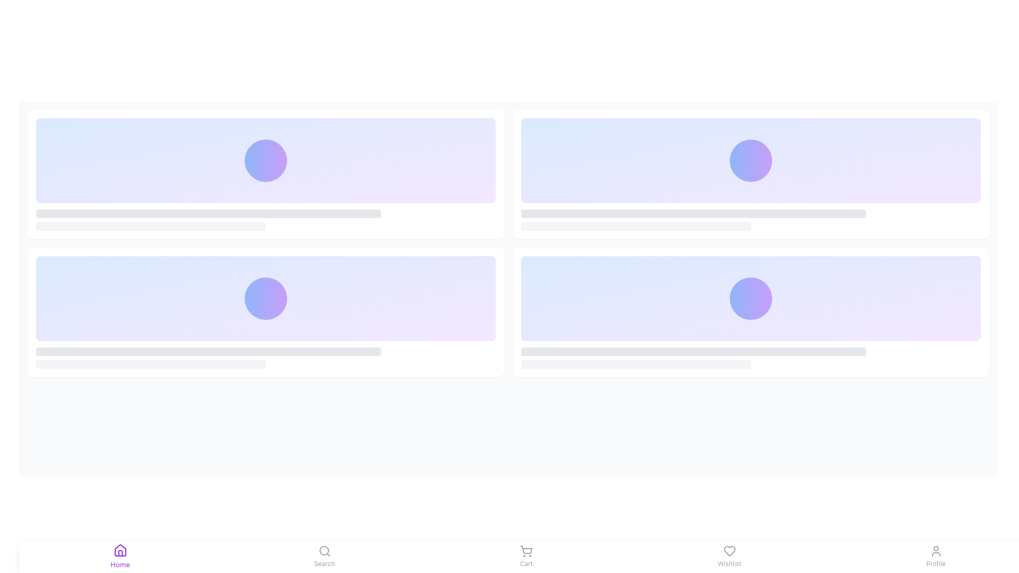  Describe the element at coordinates (750, 161) in the screenshot. I see `the Decorative panel, which features a gradient background transitioning from light blue to light purple and has a circular decorative feature with a darker blue to purple gradient at its center` at that location.